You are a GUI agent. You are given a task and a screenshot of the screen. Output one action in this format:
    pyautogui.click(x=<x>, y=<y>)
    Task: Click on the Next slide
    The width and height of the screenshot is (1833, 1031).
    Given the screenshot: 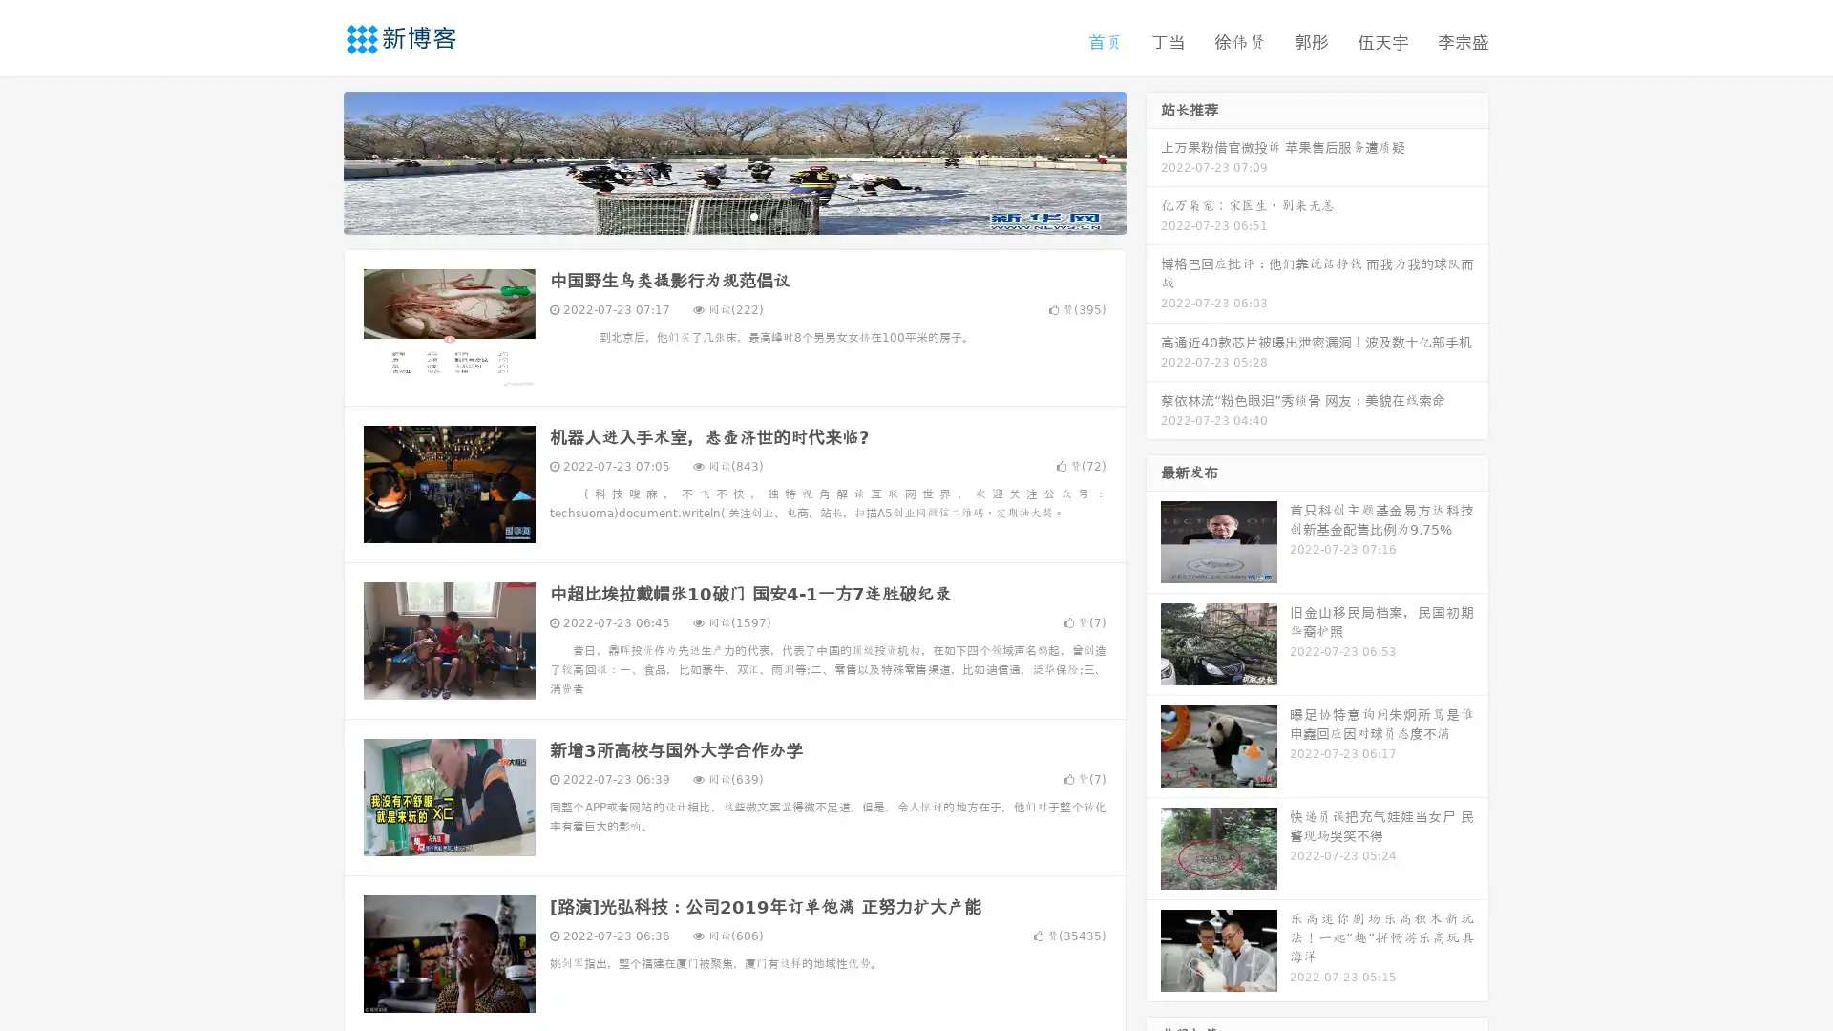 What is the action you would take?
    pyautogui.click(x=1153, y=160)
    